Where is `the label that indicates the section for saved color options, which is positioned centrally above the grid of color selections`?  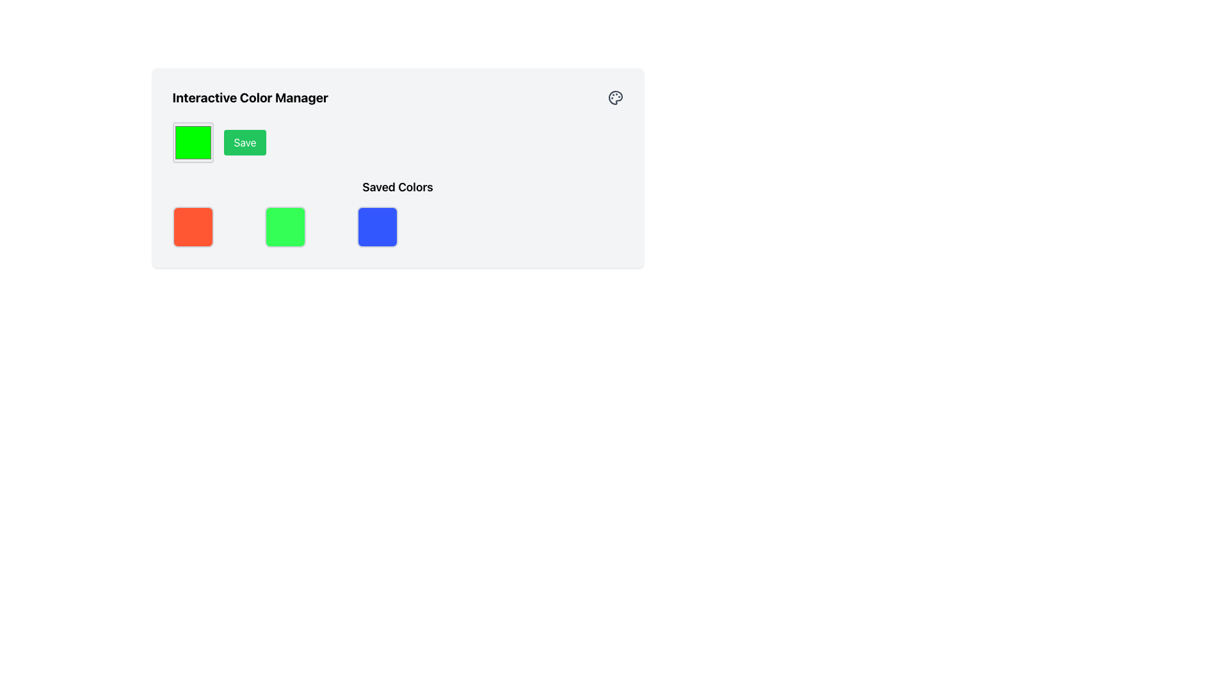
the label that indicates the section for saved color options, which is positioned centrally above the grid of color selections is located at coordinates (397, 187).